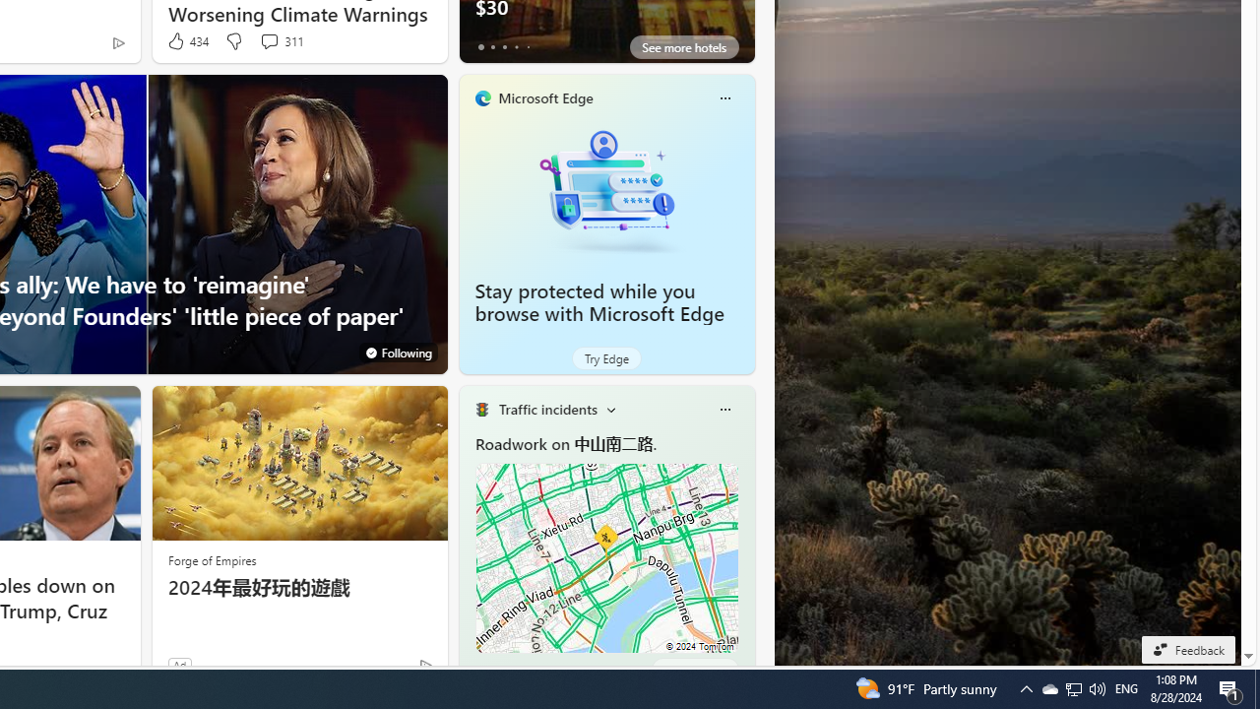 The width and height of the screenshot is (1260, 709). What do you see at coordinates (694, 669) in the screenshot?
I see `'See on map'` at bounding box center [694, 669].